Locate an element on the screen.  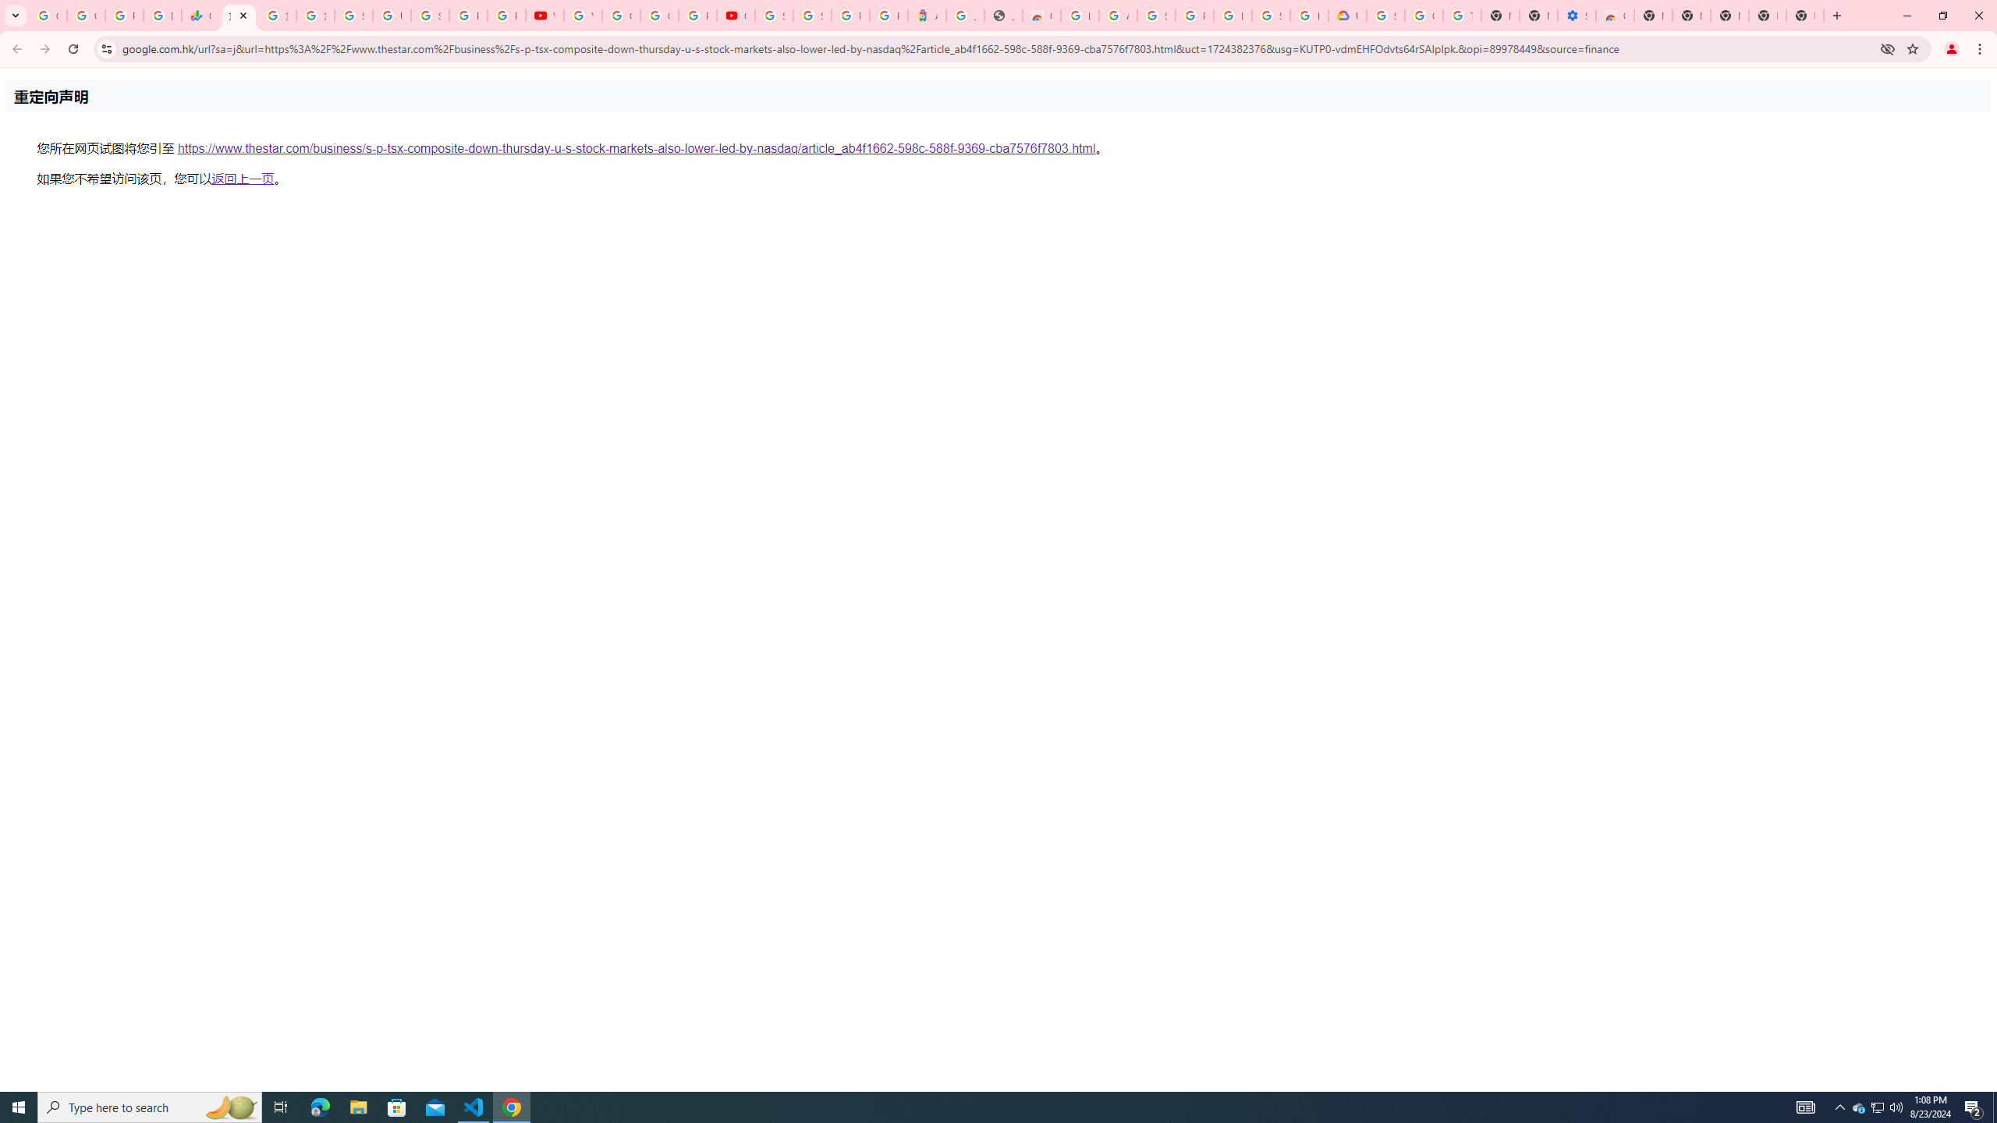
'New Tab' is located at coordinates (1805, 15).